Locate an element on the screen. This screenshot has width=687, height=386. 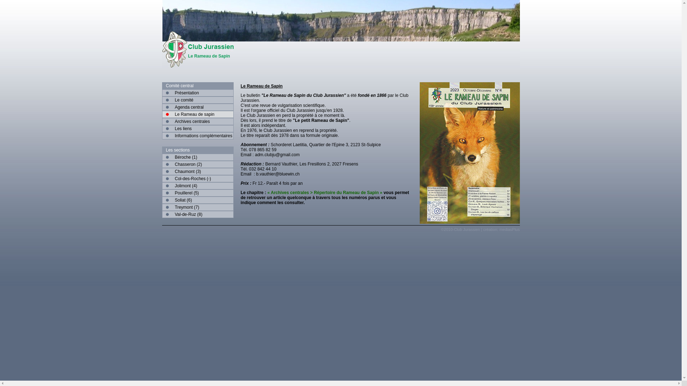
'Les liens' is located at coordinates (198, 128).